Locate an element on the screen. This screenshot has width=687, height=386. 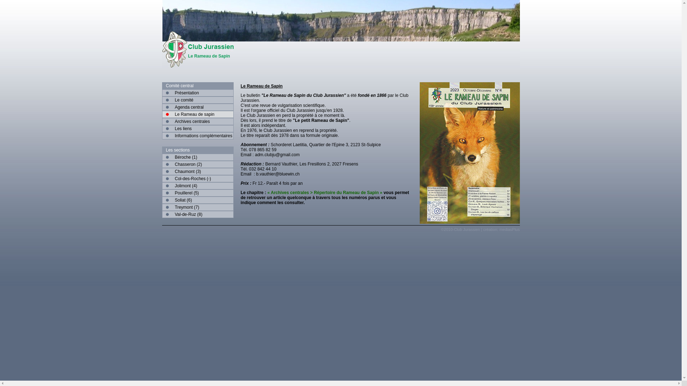
'Les liens' is located at coordinates (198, 128).